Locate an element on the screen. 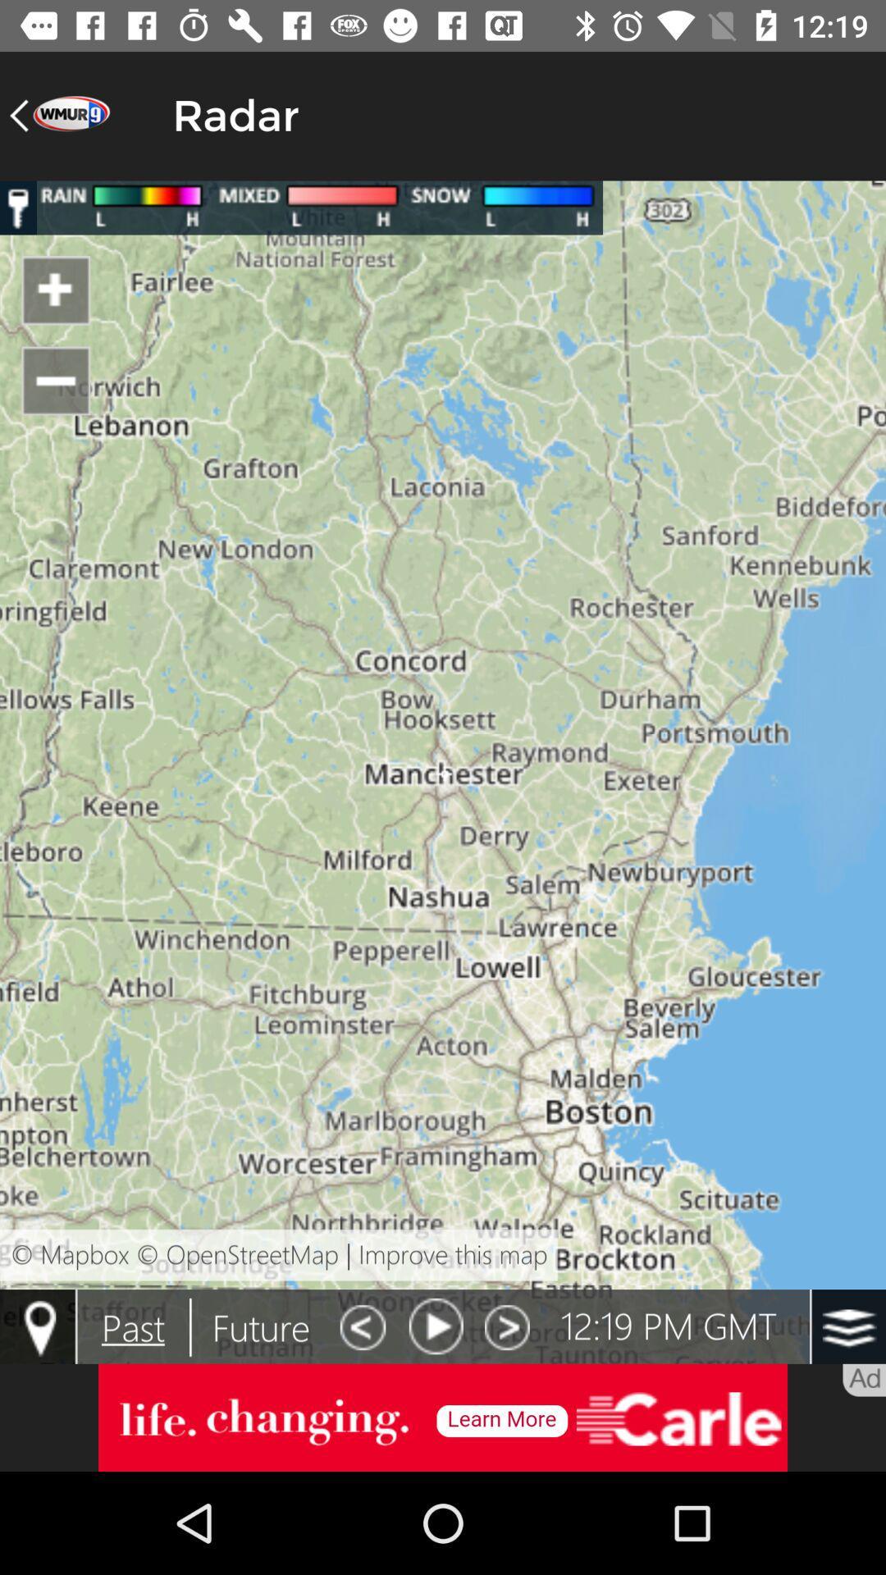 This screenshot has width=886, height=1575. the arrow_backward icon is located at coordinates (59, 115).